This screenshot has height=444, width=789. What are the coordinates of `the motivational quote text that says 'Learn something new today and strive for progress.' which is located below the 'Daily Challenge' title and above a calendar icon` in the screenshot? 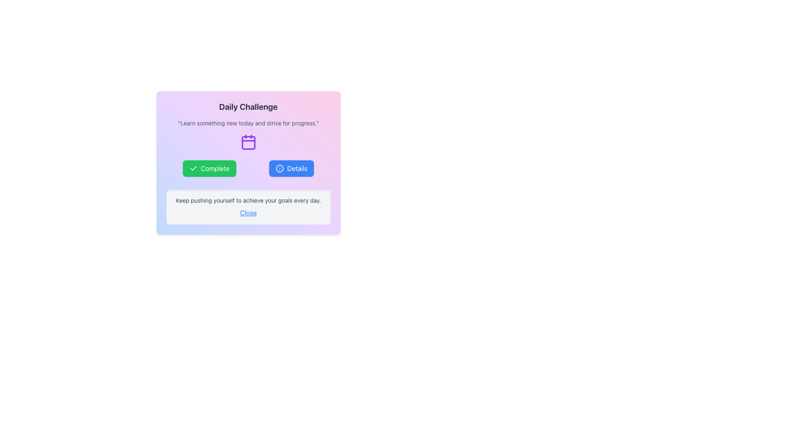 It's located at (248, 123).